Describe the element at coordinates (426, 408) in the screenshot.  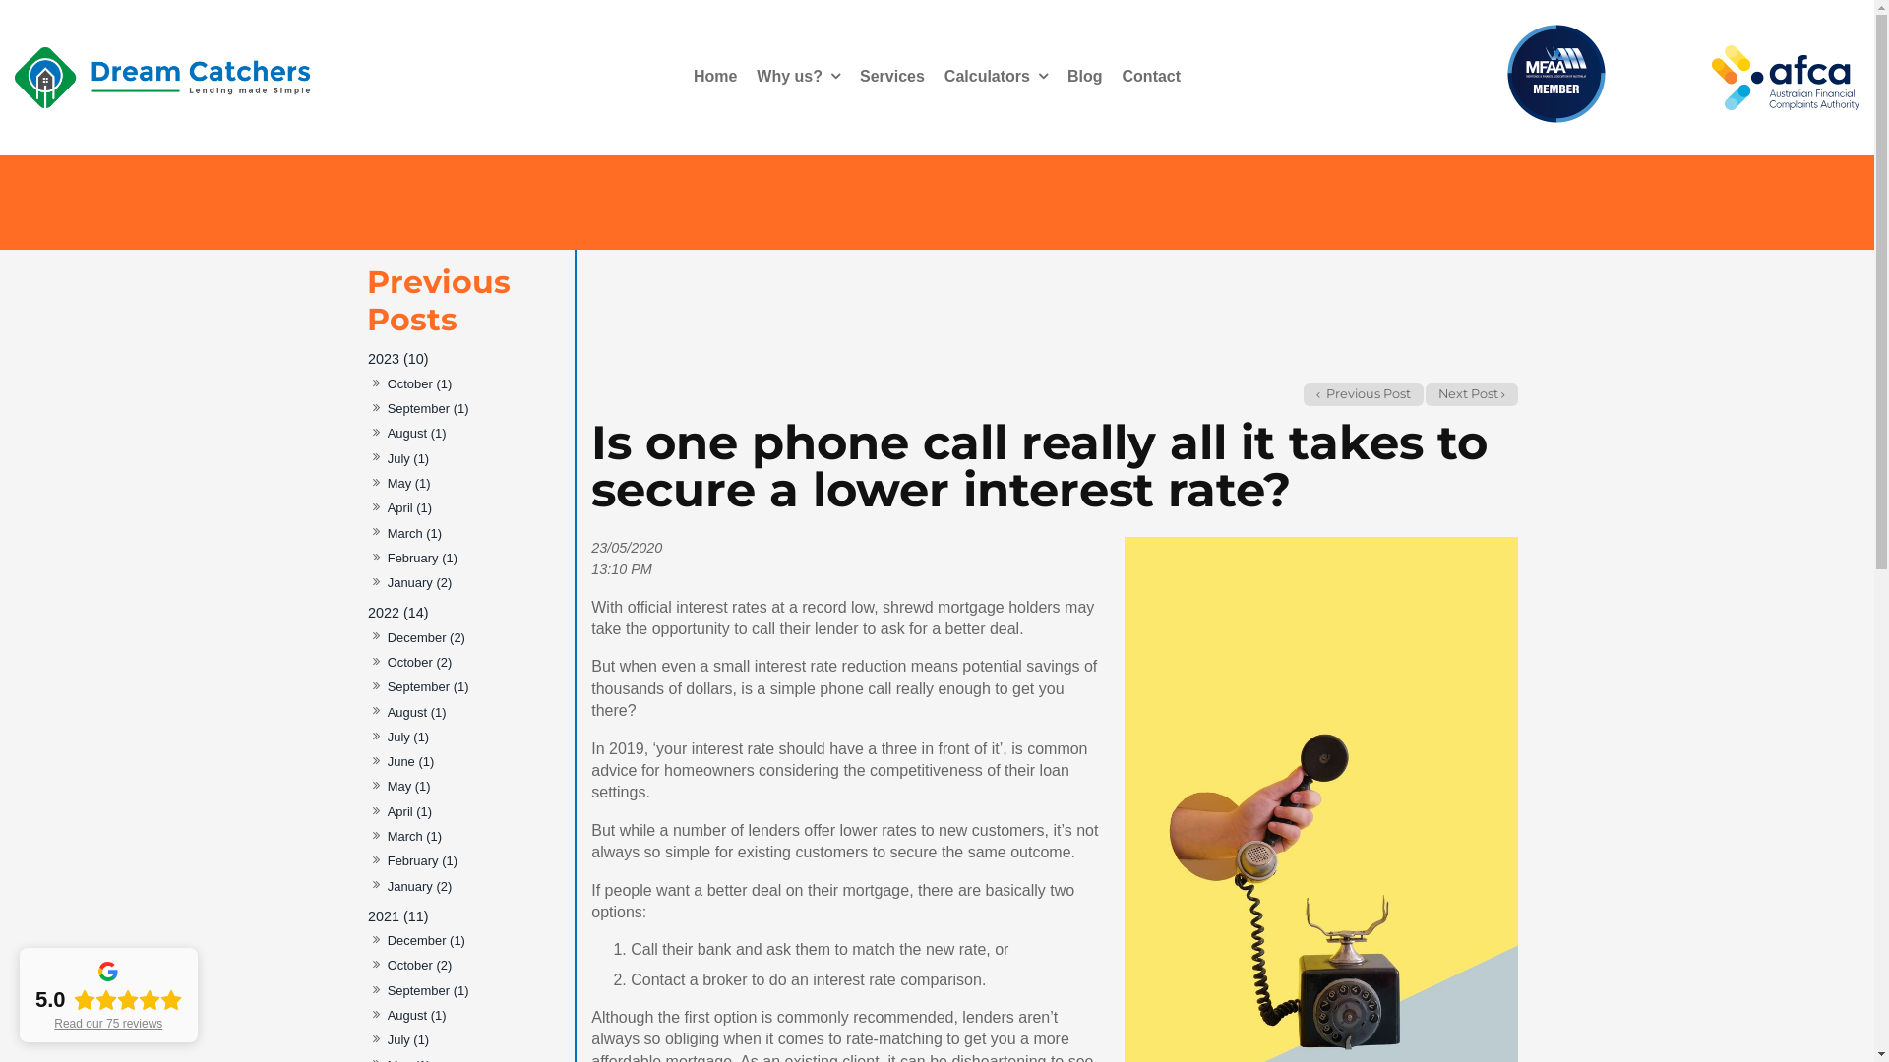
I see `'September (1)'` at that location.